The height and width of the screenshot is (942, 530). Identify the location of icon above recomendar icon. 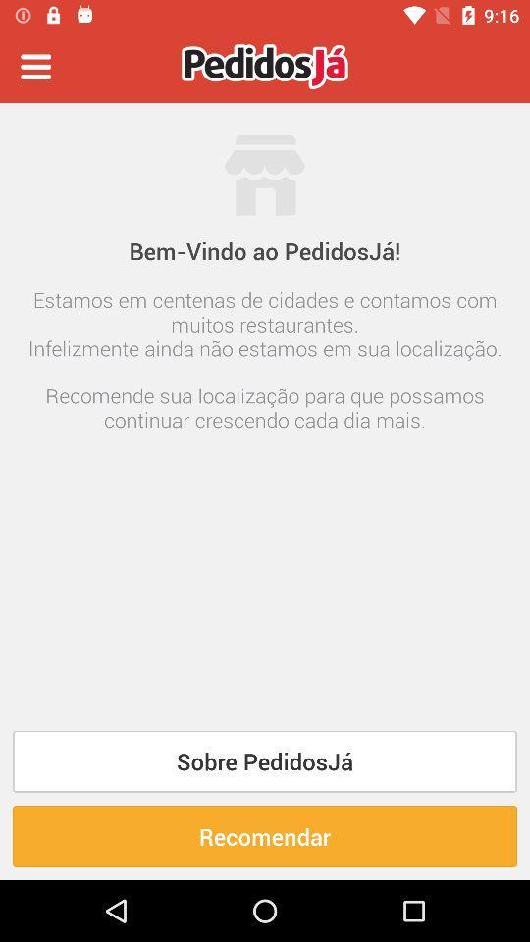
(265, 760).